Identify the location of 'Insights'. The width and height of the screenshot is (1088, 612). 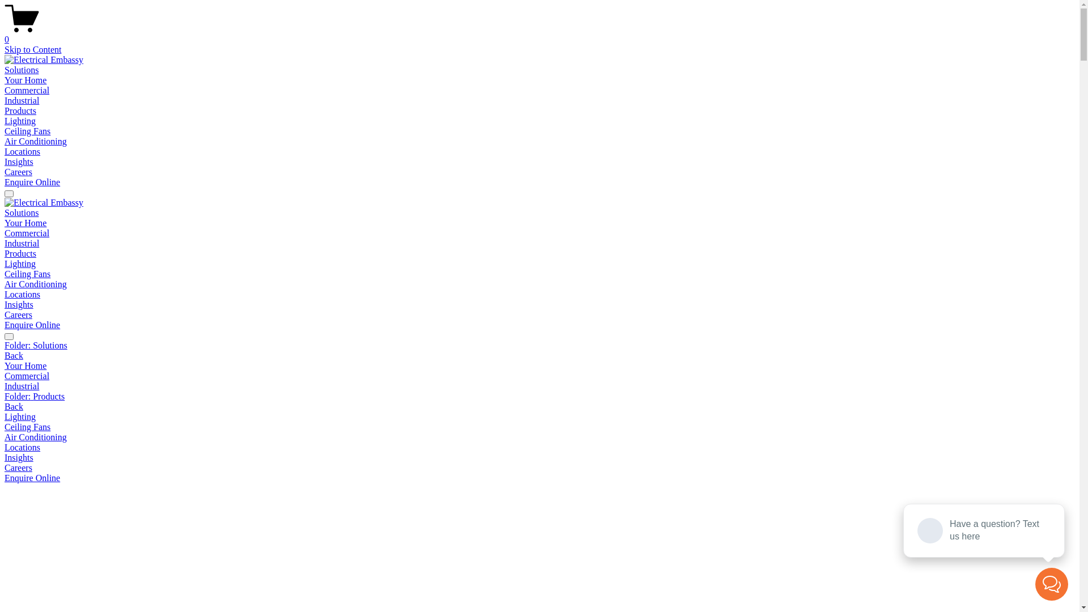
(19, 304).